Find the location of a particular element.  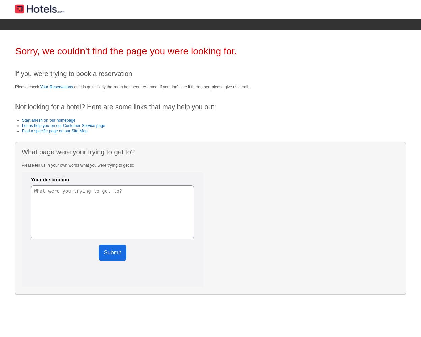

'Let us help you on our Customer Service page' is located at coordinates (63, 125).